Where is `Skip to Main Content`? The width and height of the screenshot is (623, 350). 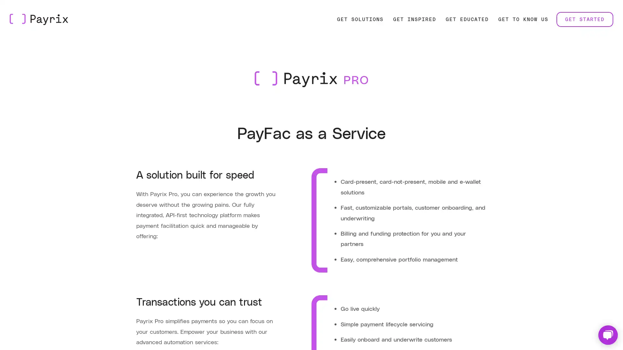 Skip to Main Content is located at coordinates (6, 6).